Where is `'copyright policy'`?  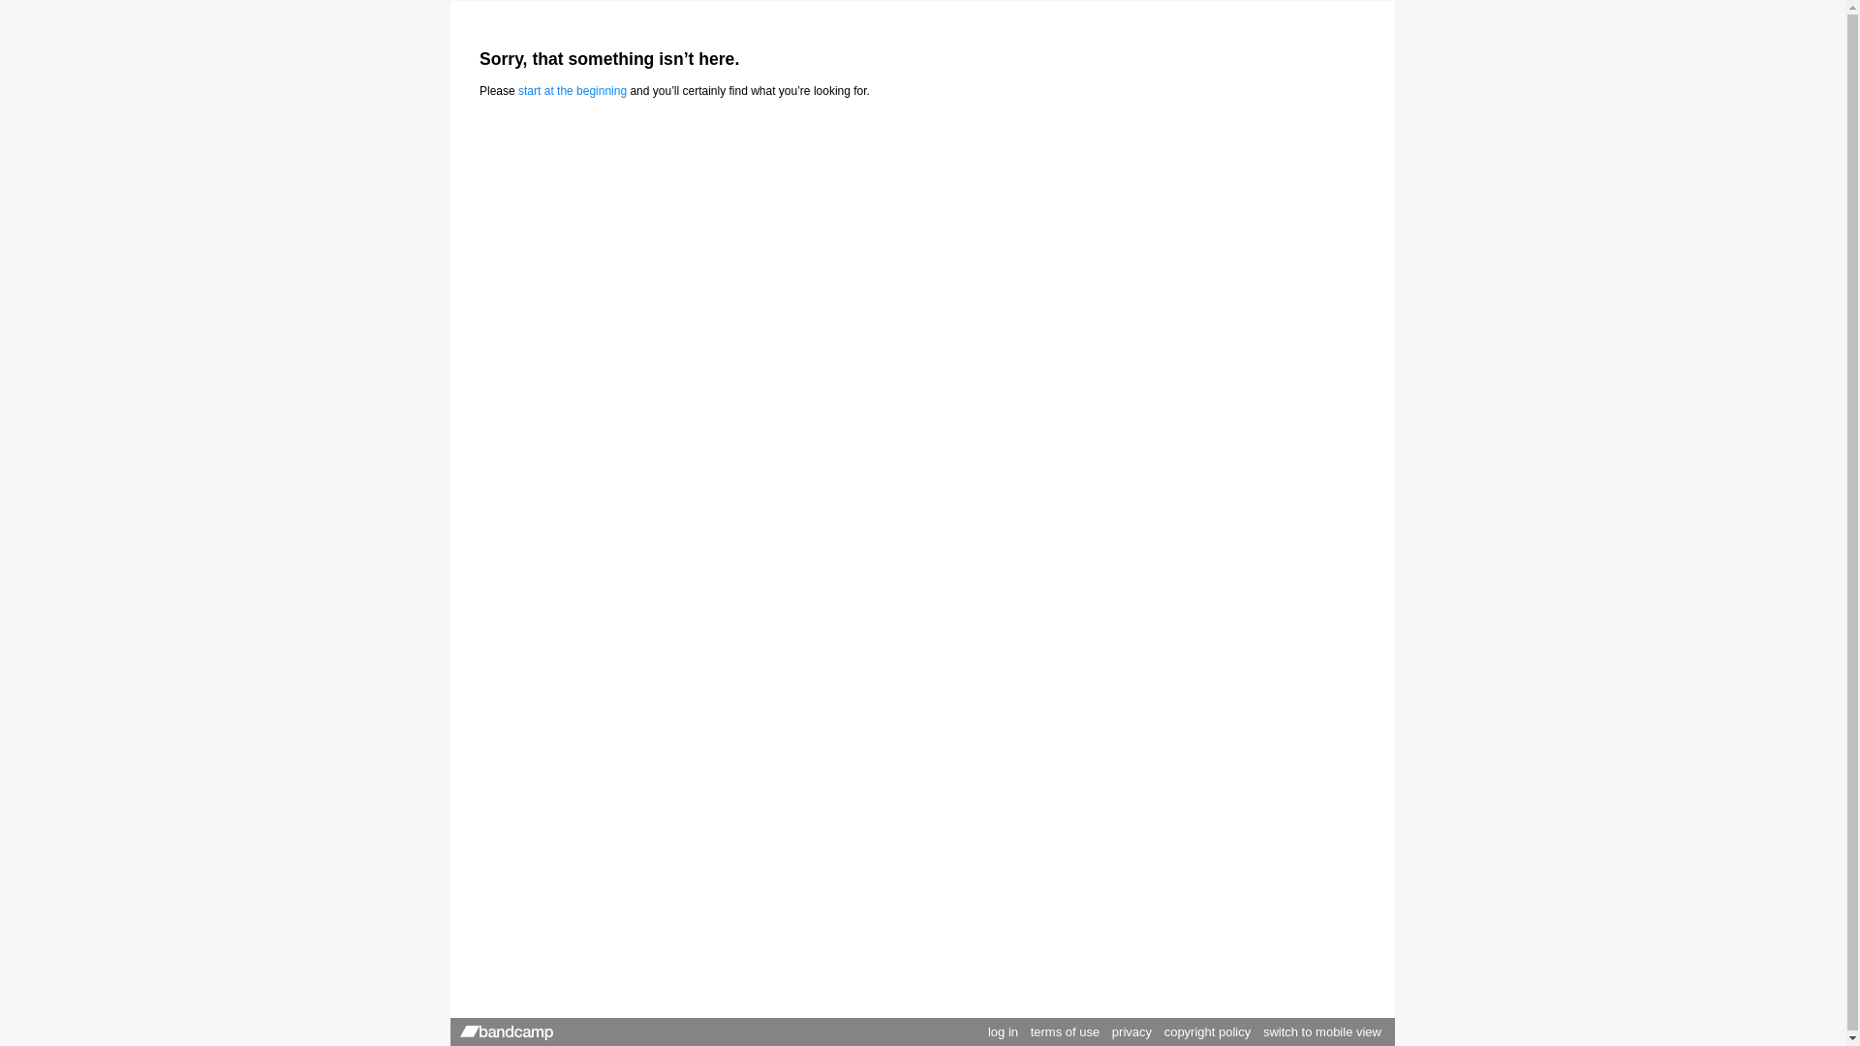
'copyright policy' is located at coordinates (1207, 1031).